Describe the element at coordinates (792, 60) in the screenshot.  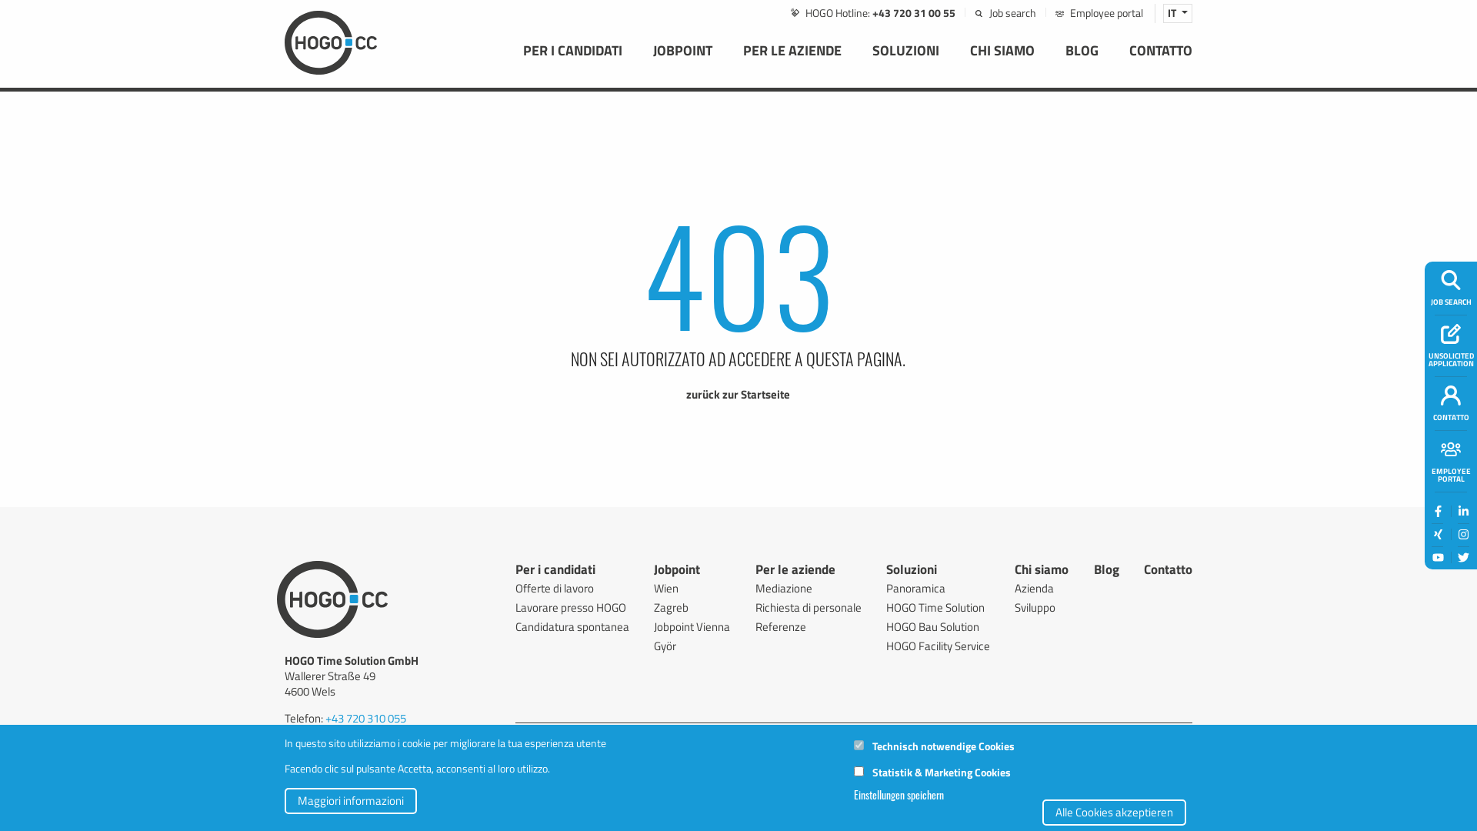
I see `'PER LE AZIENDE'` at that location.